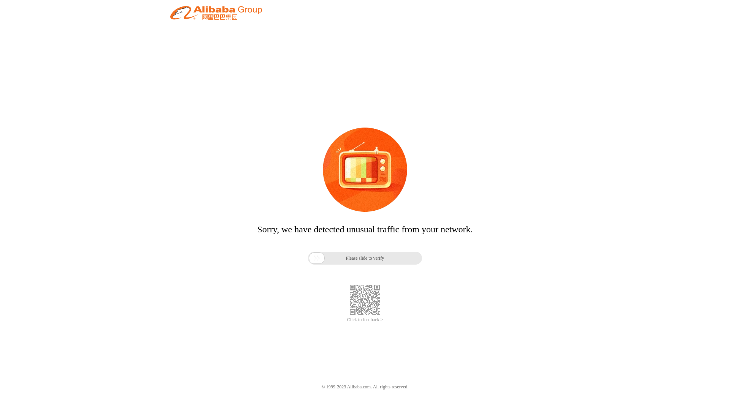 The image size is (730, 410). I want to click on 'Click to feedback >', so click(365, 320).